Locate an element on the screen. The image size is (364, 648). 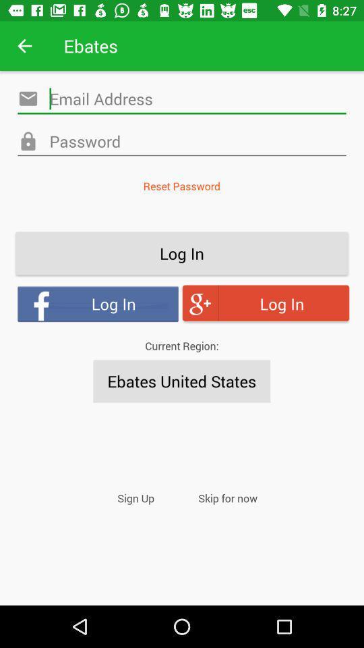
sign up icon is located at coordinates (135, 497).